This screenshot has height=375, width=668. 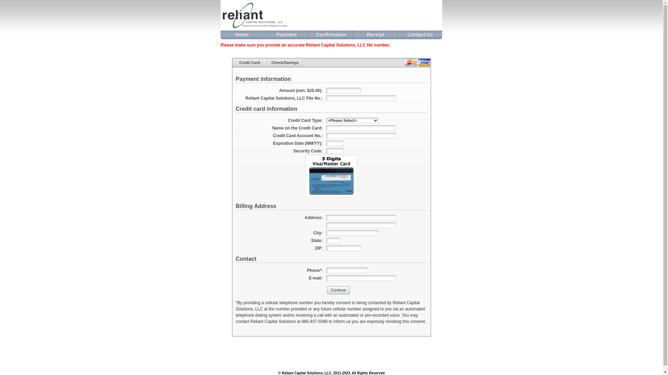 I want to click on 'Contact Us', so click(x=420, y=35).